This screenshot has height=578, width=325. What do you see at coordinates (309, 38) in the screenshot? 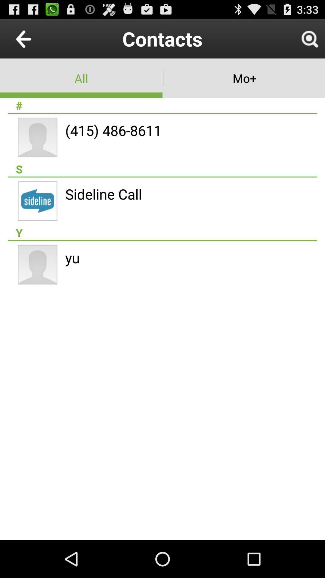
I see `item above mo+` at bounding box center [309, 38].